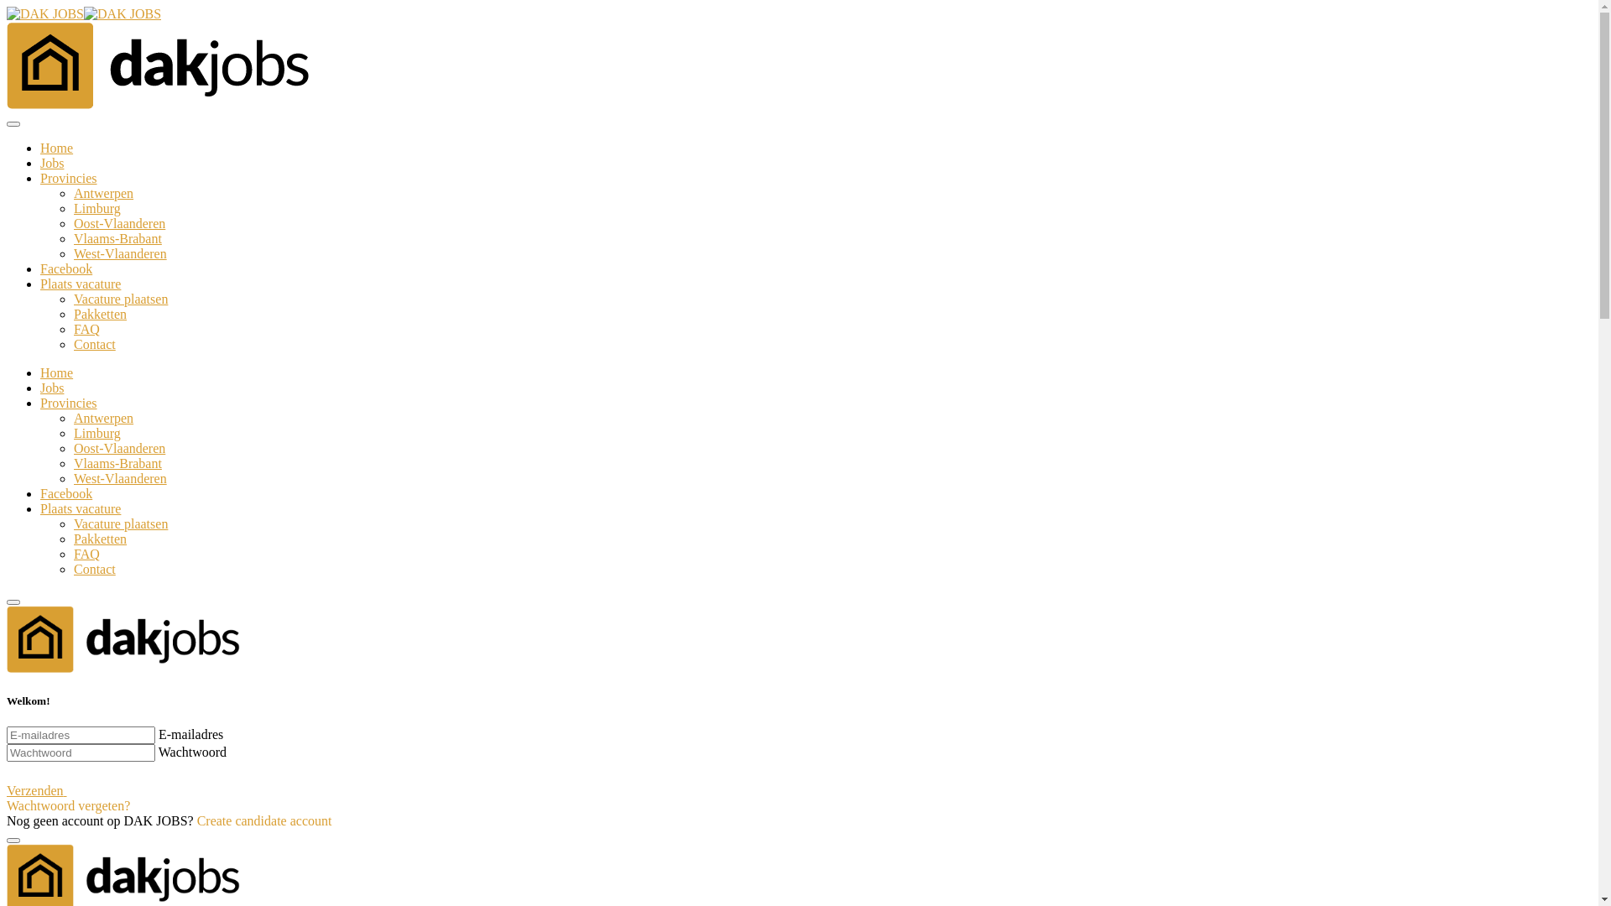  What do you see at coordinates (80, 283) in the screenshot?
I see `'Plaats vacature'` at bounding box center [80, 283].